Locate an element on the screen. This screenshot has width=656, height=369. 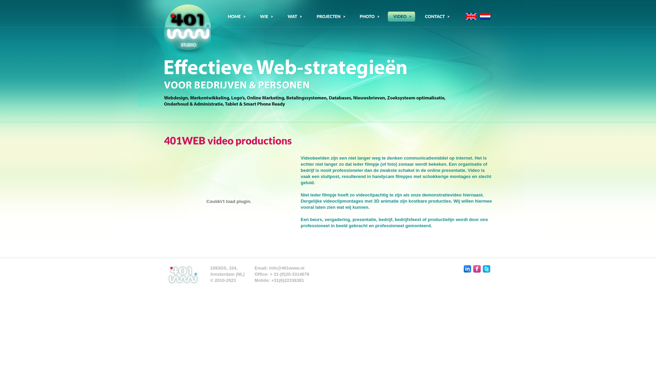
'facebook' is located at coordinates (477, 268).